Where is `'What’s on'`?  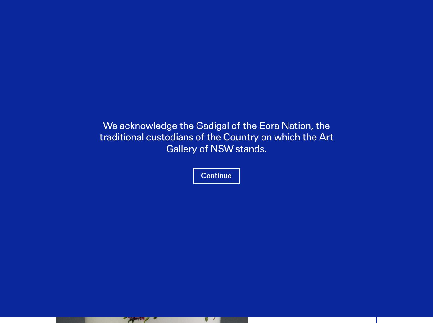 'What’s on' is located at coordinates (35, 20).